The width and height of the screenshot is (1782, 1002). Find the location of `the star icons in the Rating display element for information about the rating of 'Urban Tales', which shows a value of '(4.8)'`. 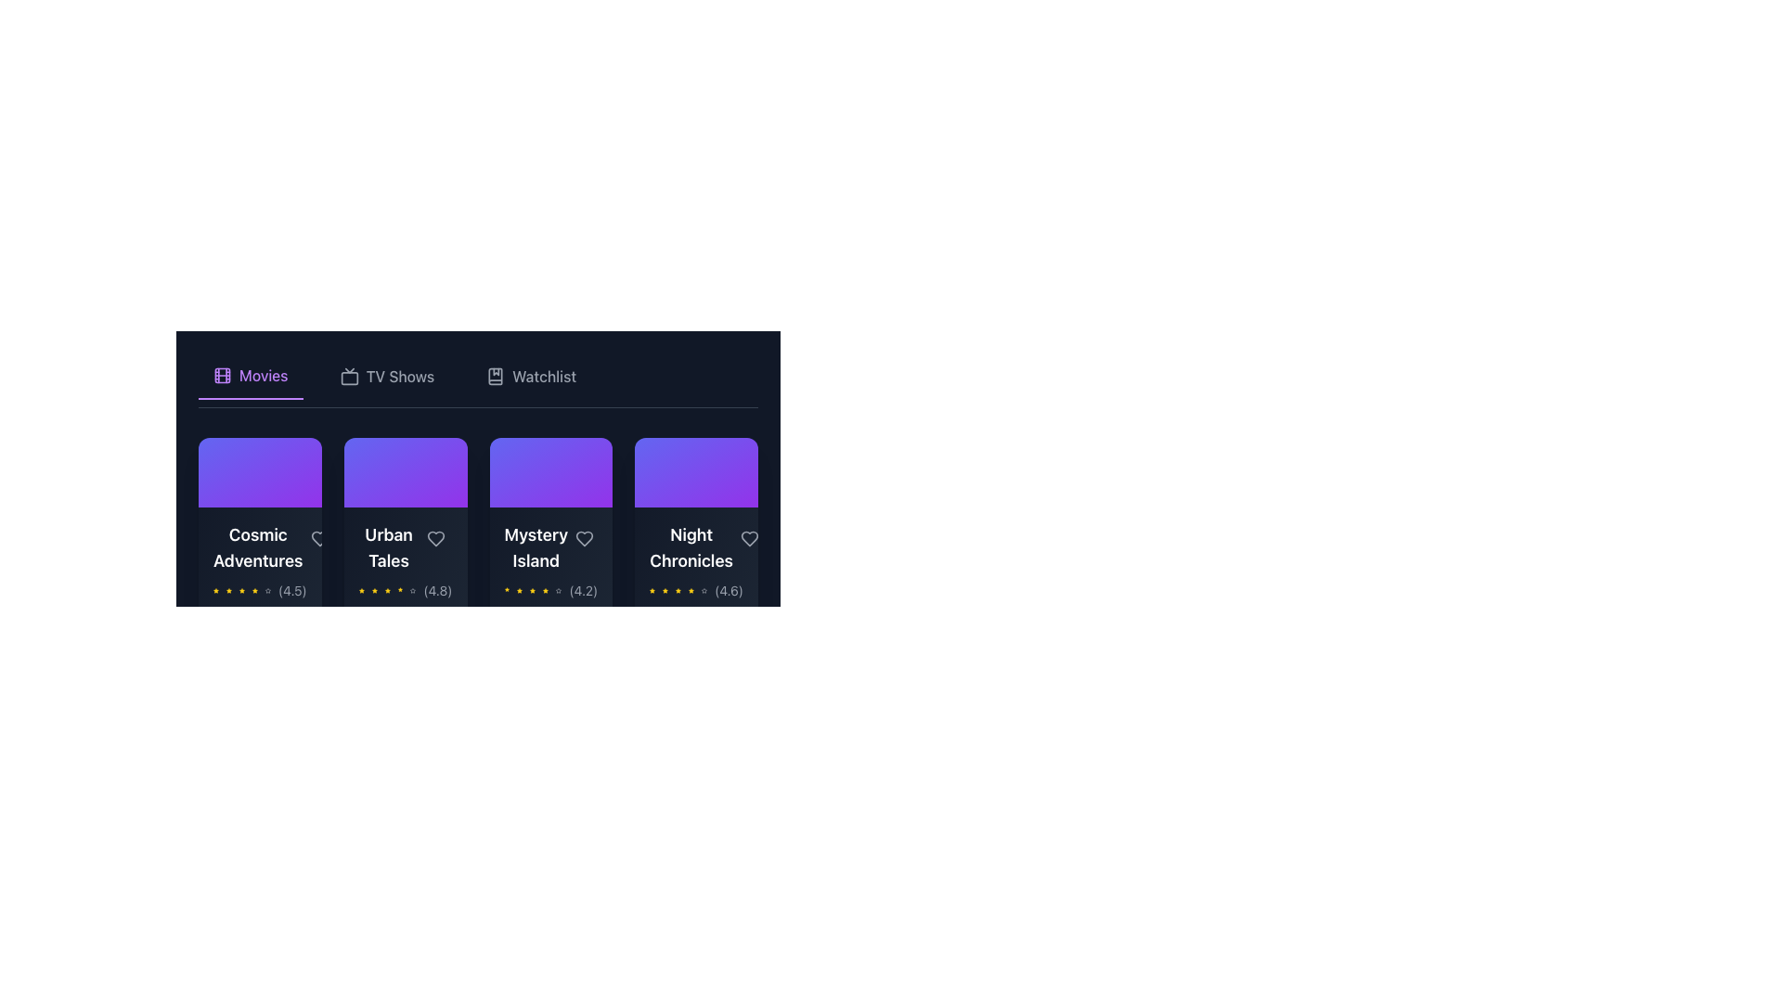

the star icons in the Rating display element for information about the rating of 'Urban Tales', which shows a value of '(4.8)' is located at coordinates (405, 590).